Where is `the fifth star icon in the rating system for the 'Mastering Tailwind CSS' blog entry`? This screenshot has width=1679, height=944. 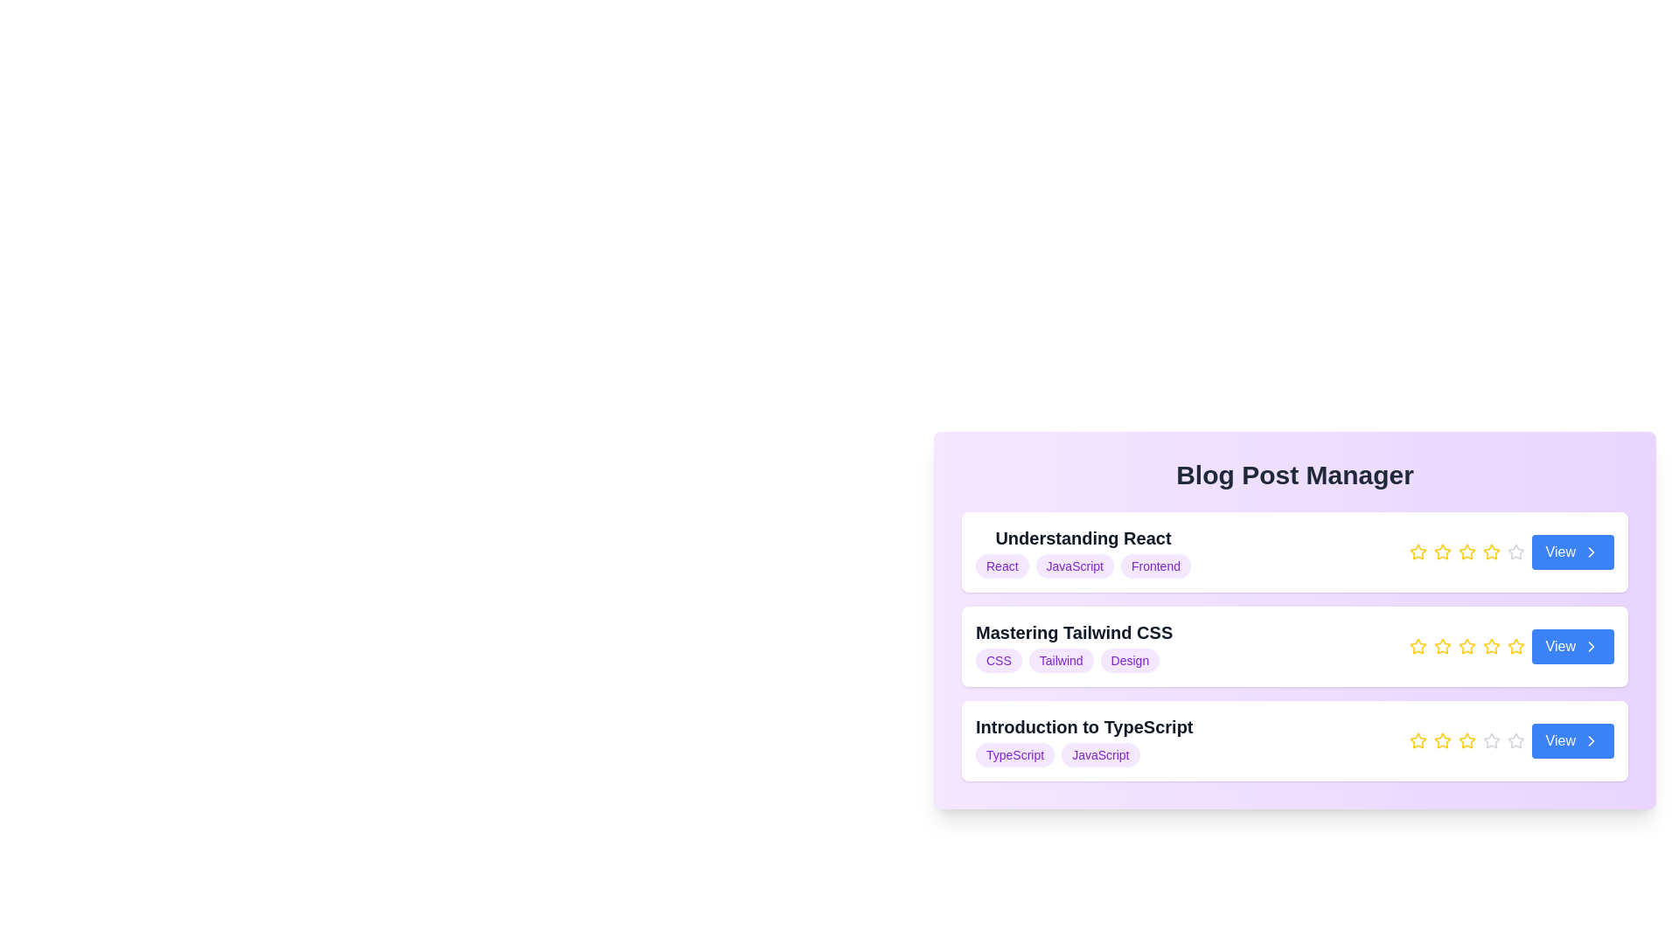 the fifth star icon in the rating system for the 'Mastering Tailwind CSS' blog entry is located at coordinates (1490, 647).